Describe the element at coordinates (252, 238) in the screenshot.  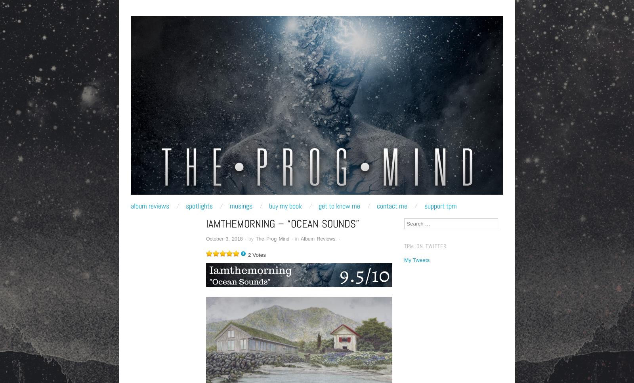
I see `'by'` at that location.